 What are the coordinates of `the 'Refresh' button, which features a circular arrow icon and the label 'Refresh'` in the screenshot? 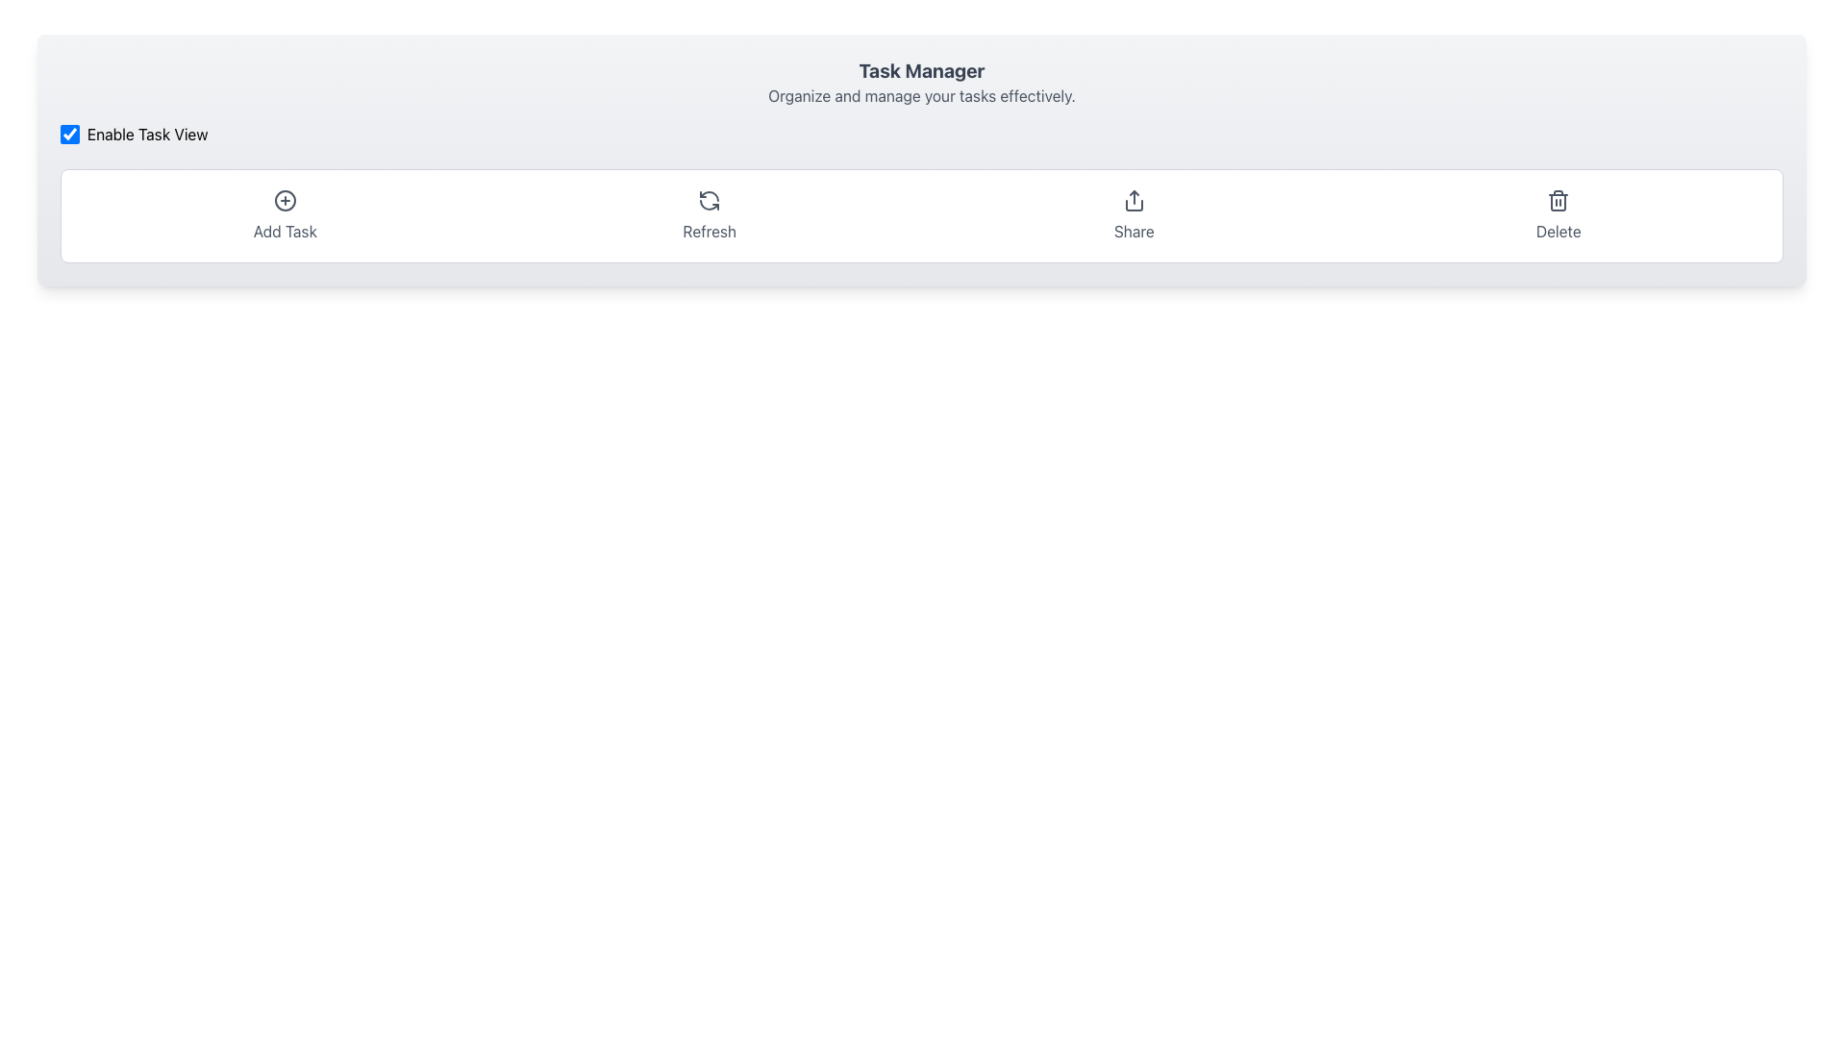 It's located at (709, 215).